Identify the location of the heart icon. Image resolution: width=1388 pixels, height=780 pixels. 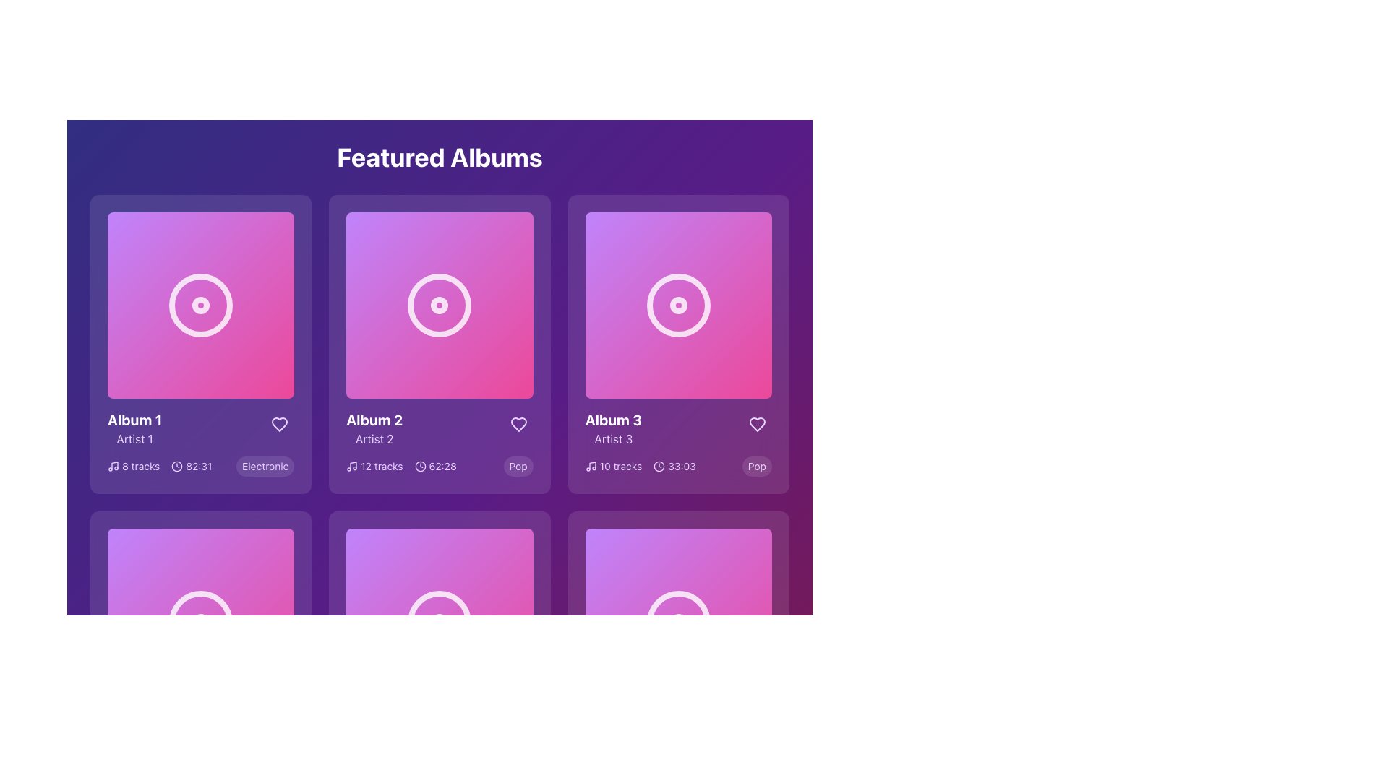
(518, 424).